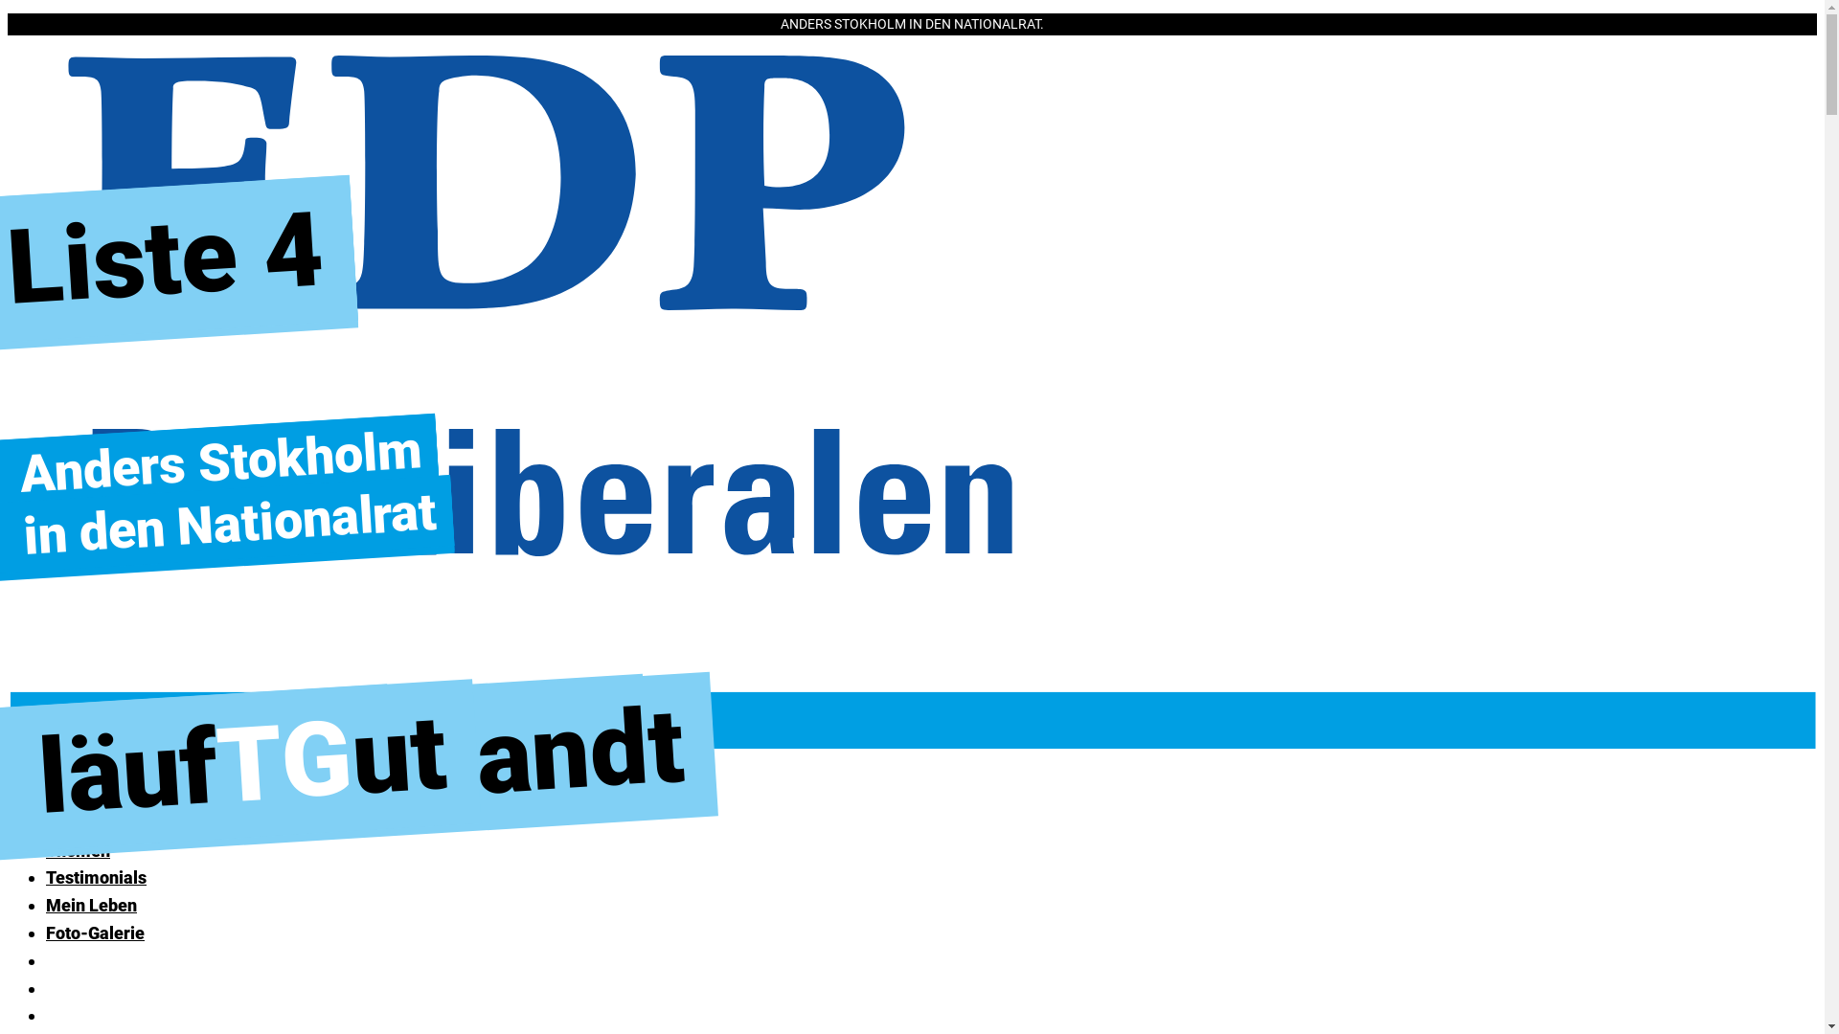  What do you see at coordinates (77, 849) in the screenshot?
I see `'Themen'` at bounding box center [77, 849].